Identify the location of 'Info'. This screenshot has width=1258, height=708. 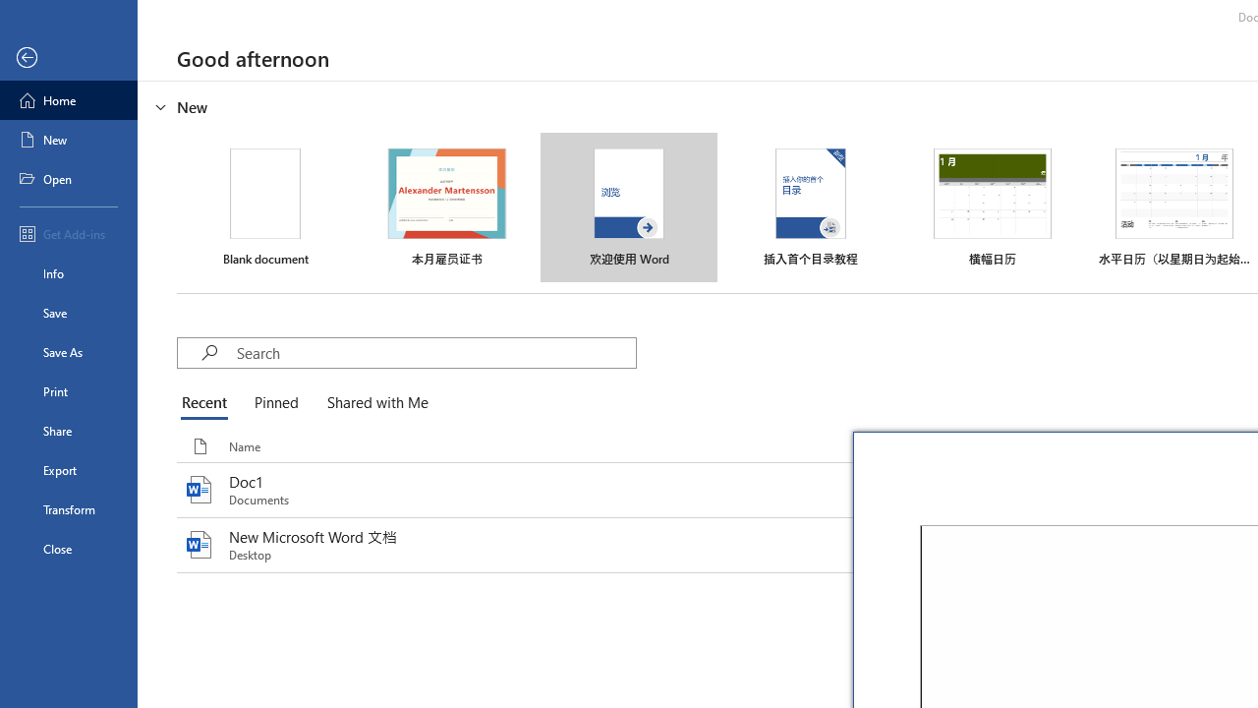
(68, 272).